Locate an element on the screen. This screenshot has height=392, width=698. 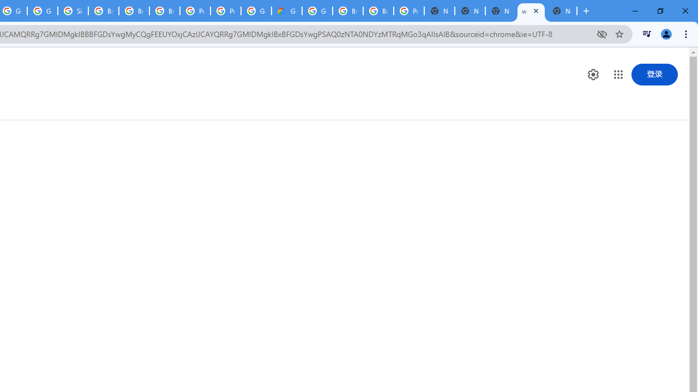
'Browse Chrome as a guest - Computer - Google Chrome Help' is located at coordinates (347, 11).